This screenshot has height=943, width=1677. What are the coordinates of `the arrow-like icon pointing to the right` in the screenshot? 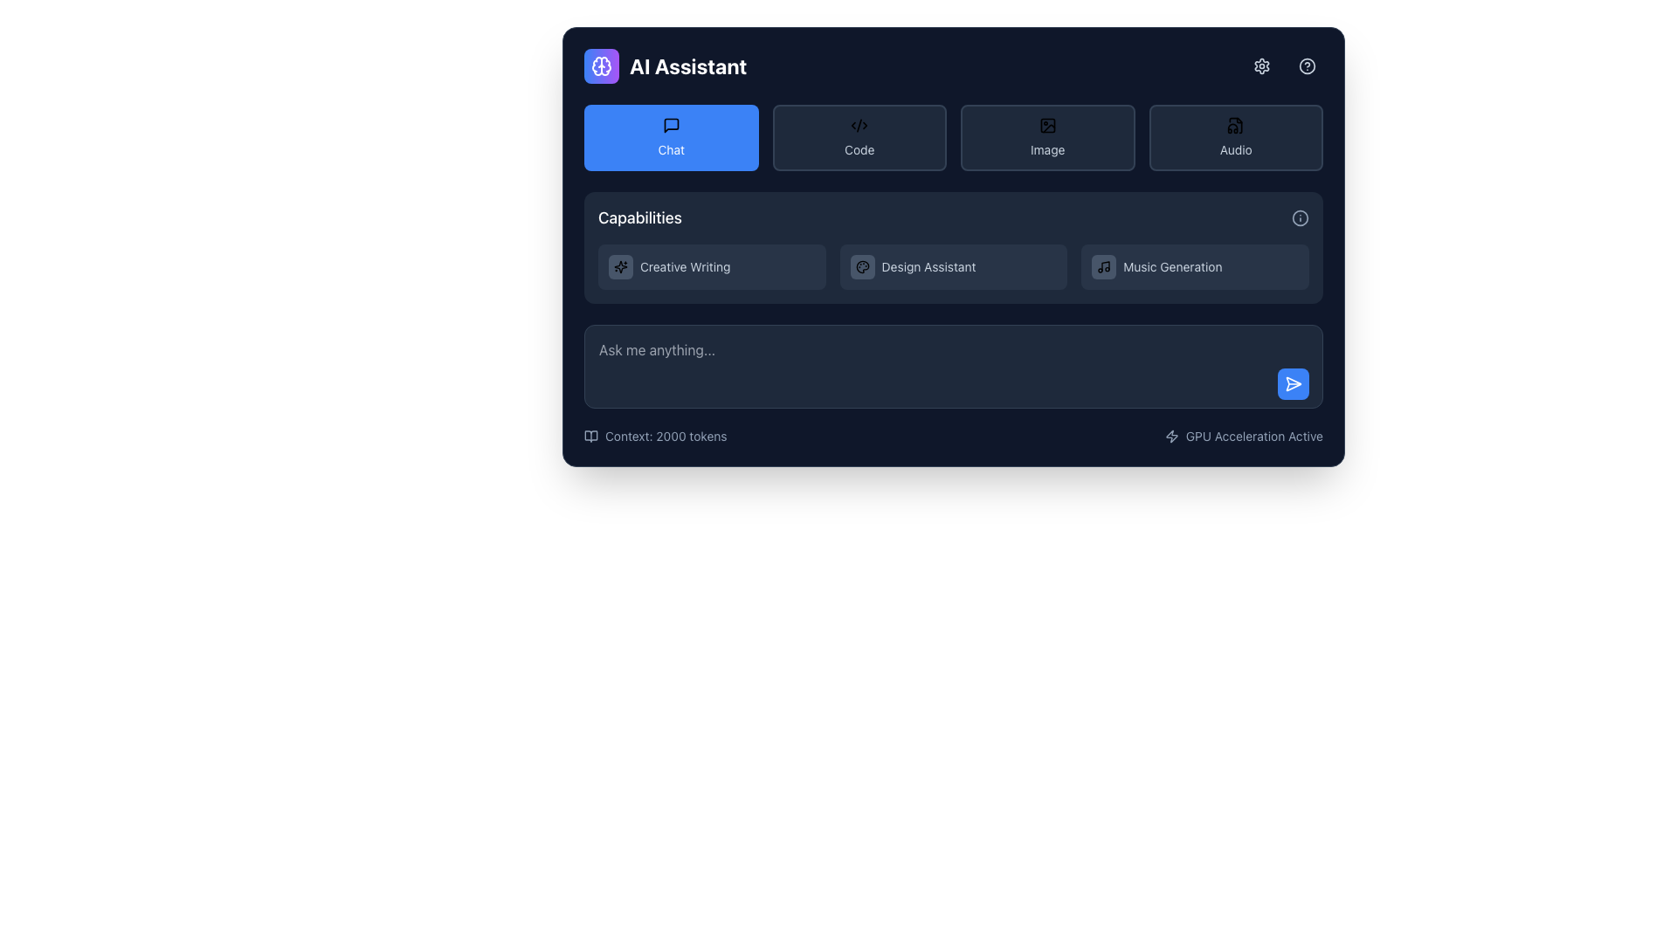 It's located at (1294, 382).